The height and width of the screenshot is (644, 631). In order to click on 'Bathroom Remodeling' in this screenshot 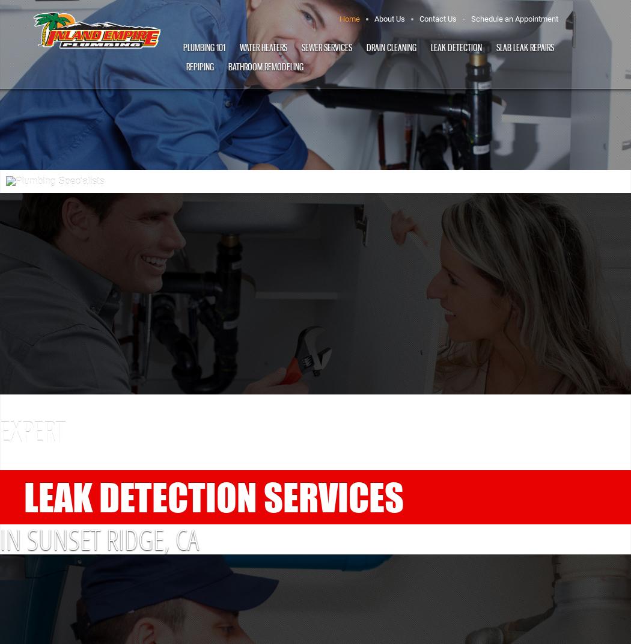, I will do `click(264, 66)`.